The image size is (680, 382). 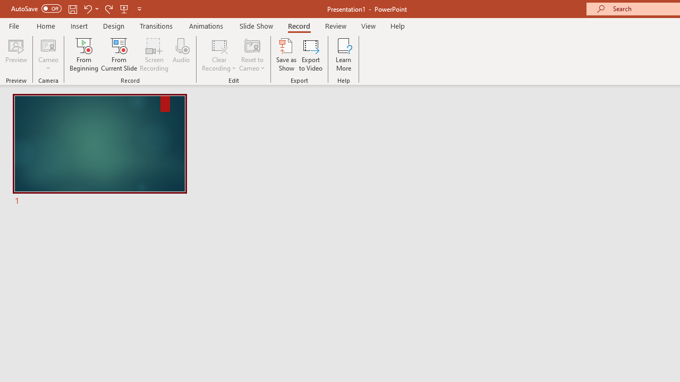 I want to click on 'Reset to Cameo', so click(x=251, y=55).